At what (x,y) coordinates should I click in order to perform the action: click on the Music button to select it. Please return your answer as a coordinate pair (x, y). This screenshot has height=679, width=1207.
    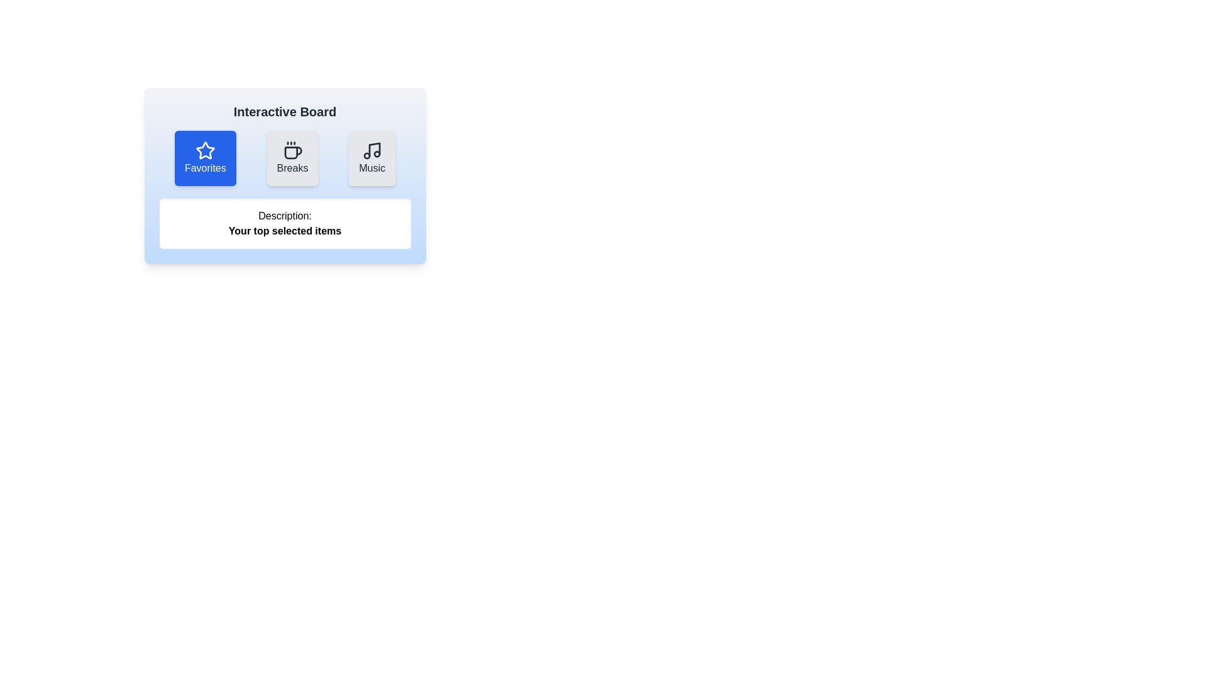
    Looking at the image, I should click on (372, 157).